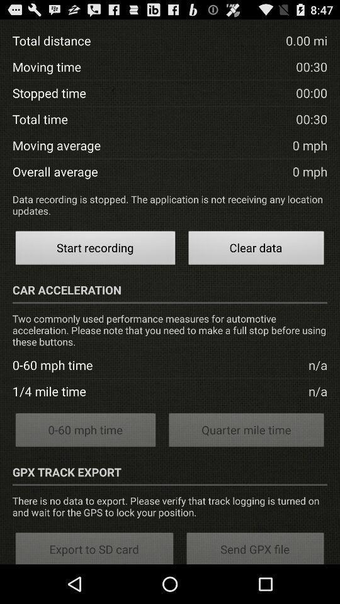 The image size is (340, 604). I want to click on the icon to the left of the clear data item, so click(94, 249).